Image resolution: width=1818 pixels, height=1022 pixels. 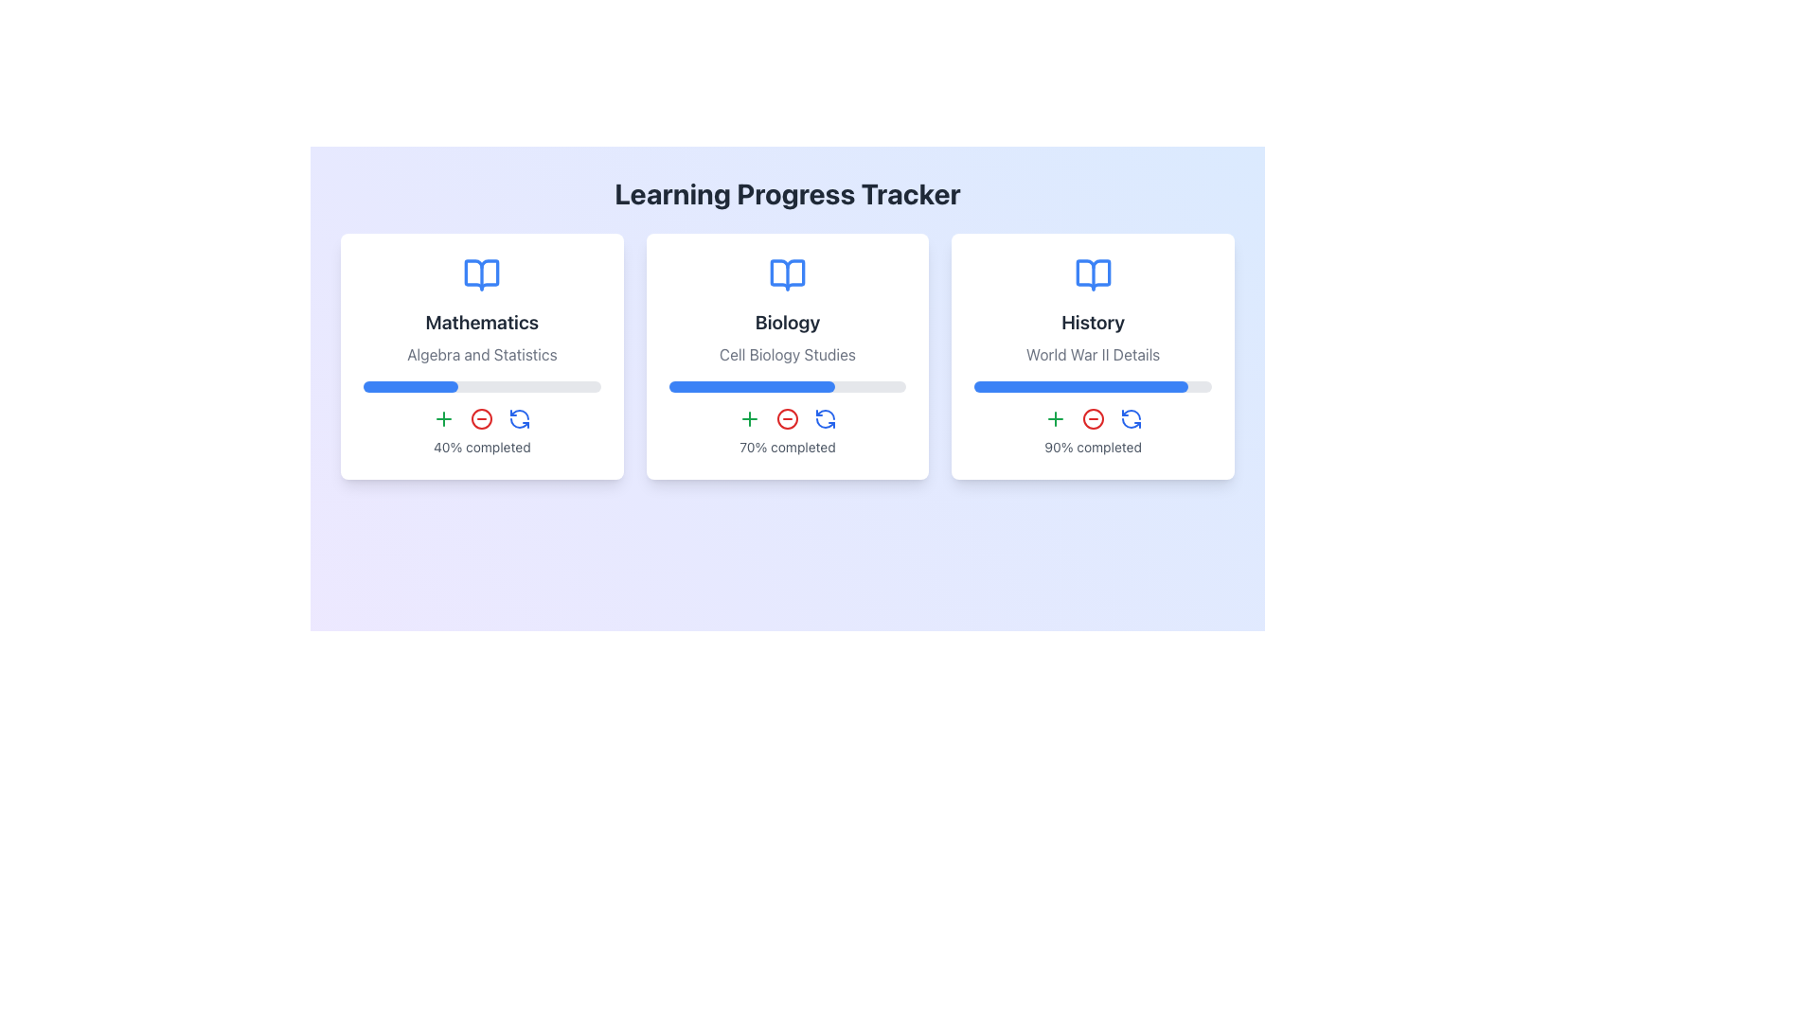 What do you see at coordinates (787, 418) in the screenshot?
I see `the graphic circle icon at the bottom of the 'Biology' card in the middle column, which serves as a visual cue for subtraction or minimizing actions` at bounding box center [787, 418].